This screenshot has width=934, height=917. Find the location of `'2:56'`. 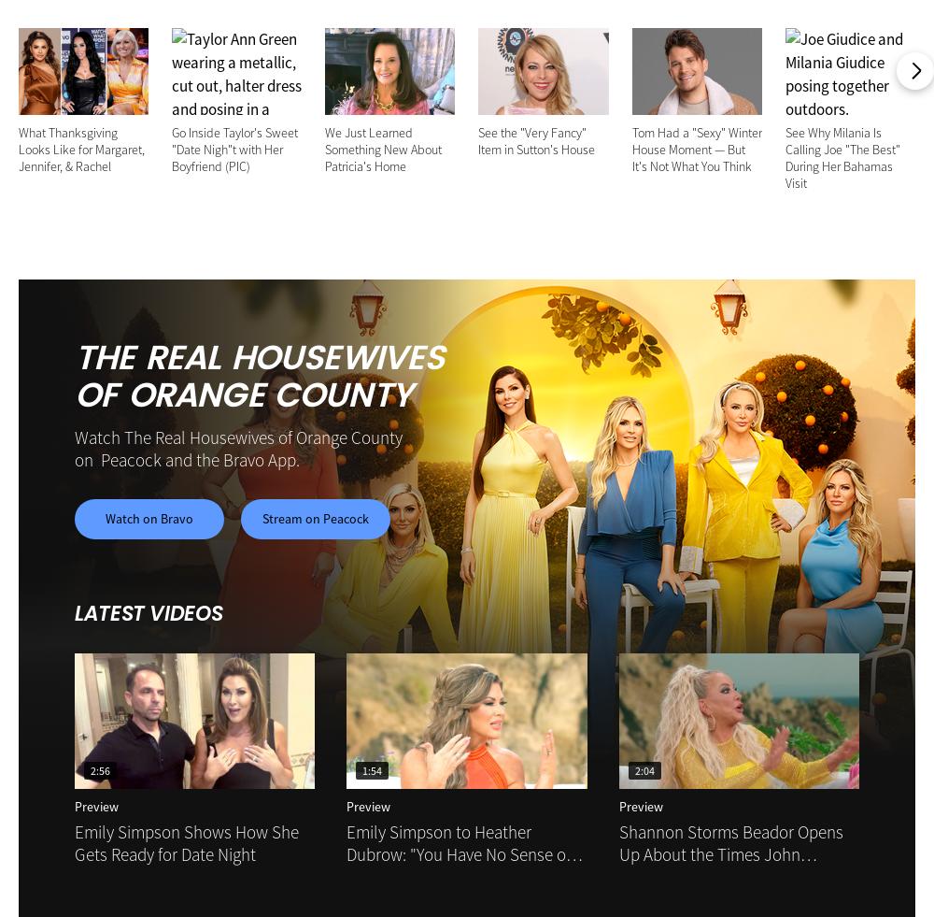

'2:56' is located at coordinates (99, 769).